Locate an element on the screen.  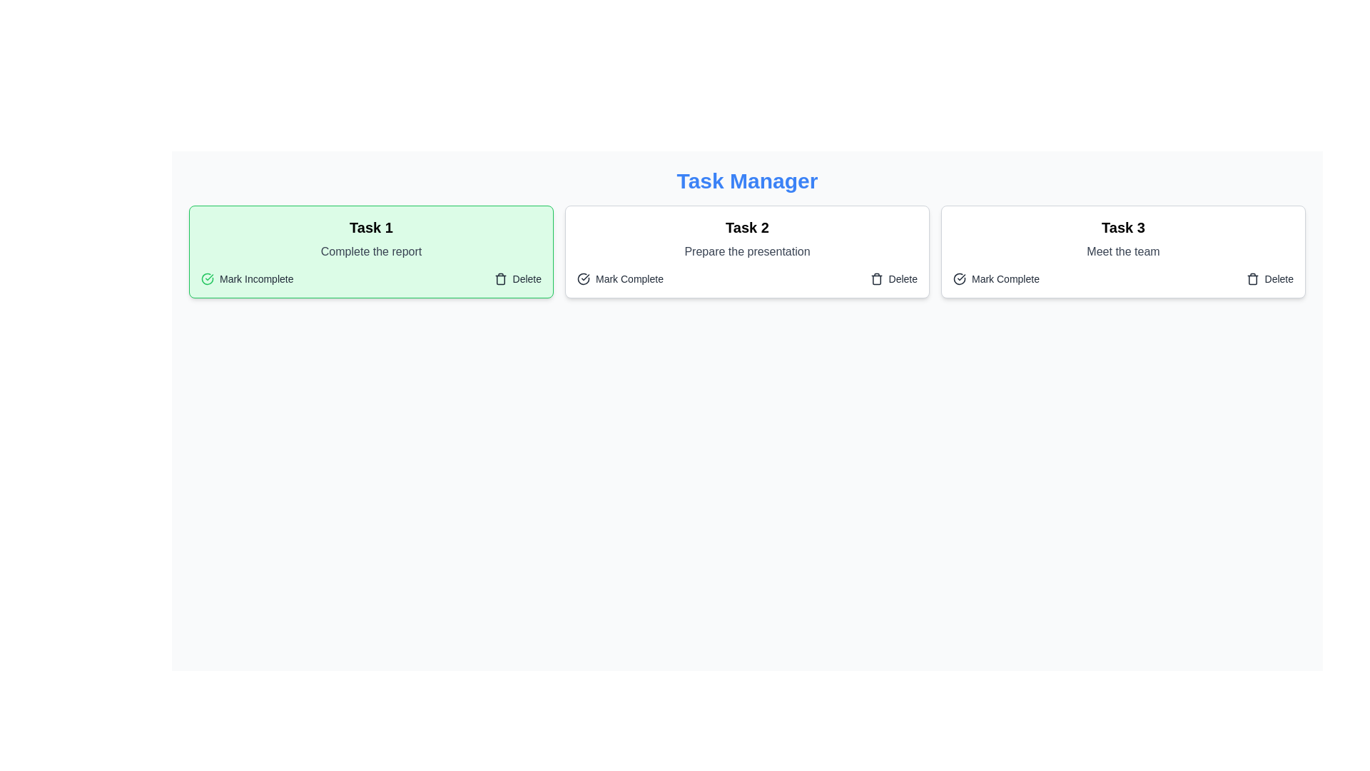
the 'Mark Complete' button with the circular checkmark icon is located at coordinates (620, 278).